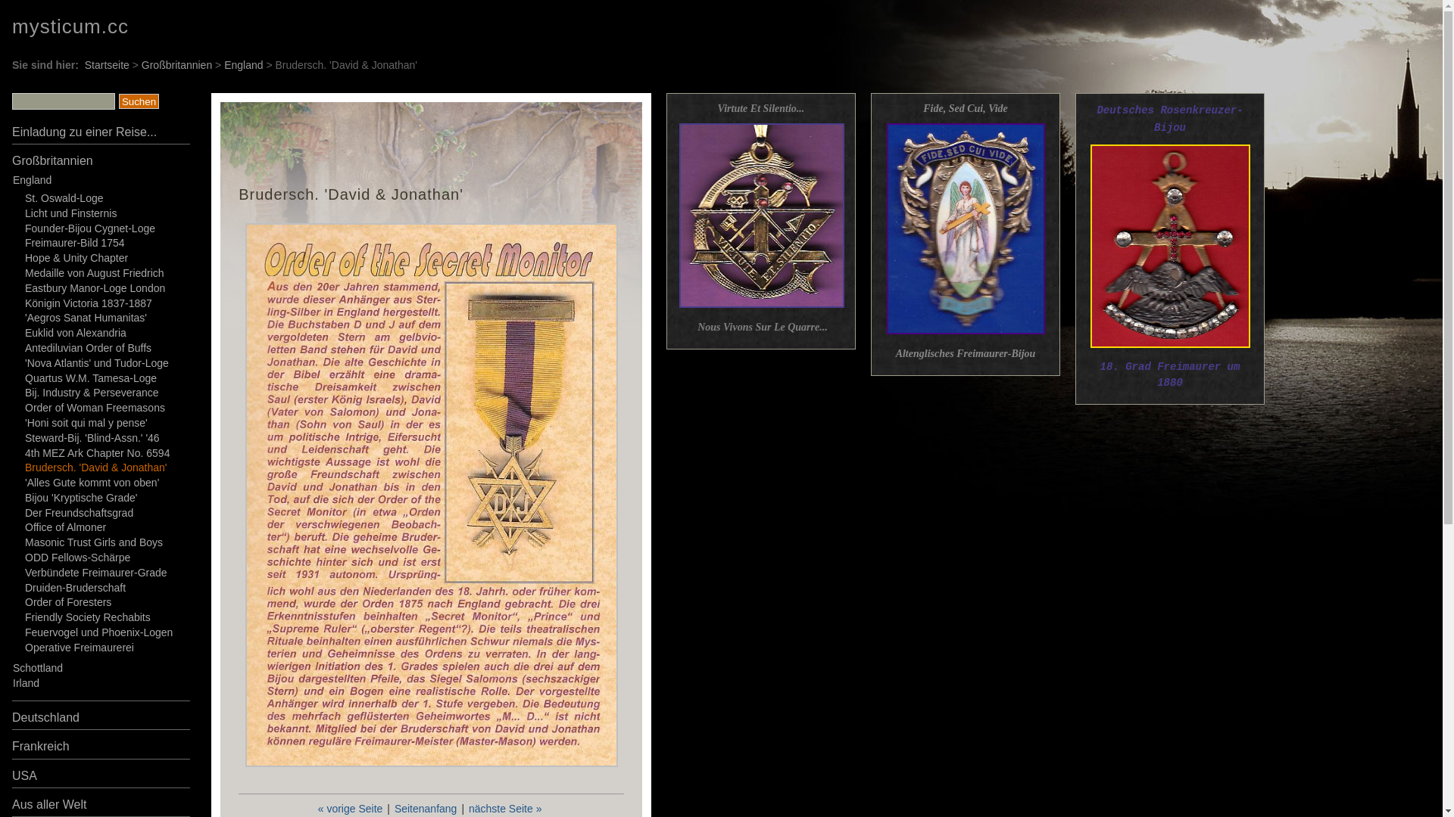  What do you see at coordinates (1169, 245) in the screenshot?
I see `'Rosenkreuzer-Bijou um 1880'` at bounding box center [1169, 245].